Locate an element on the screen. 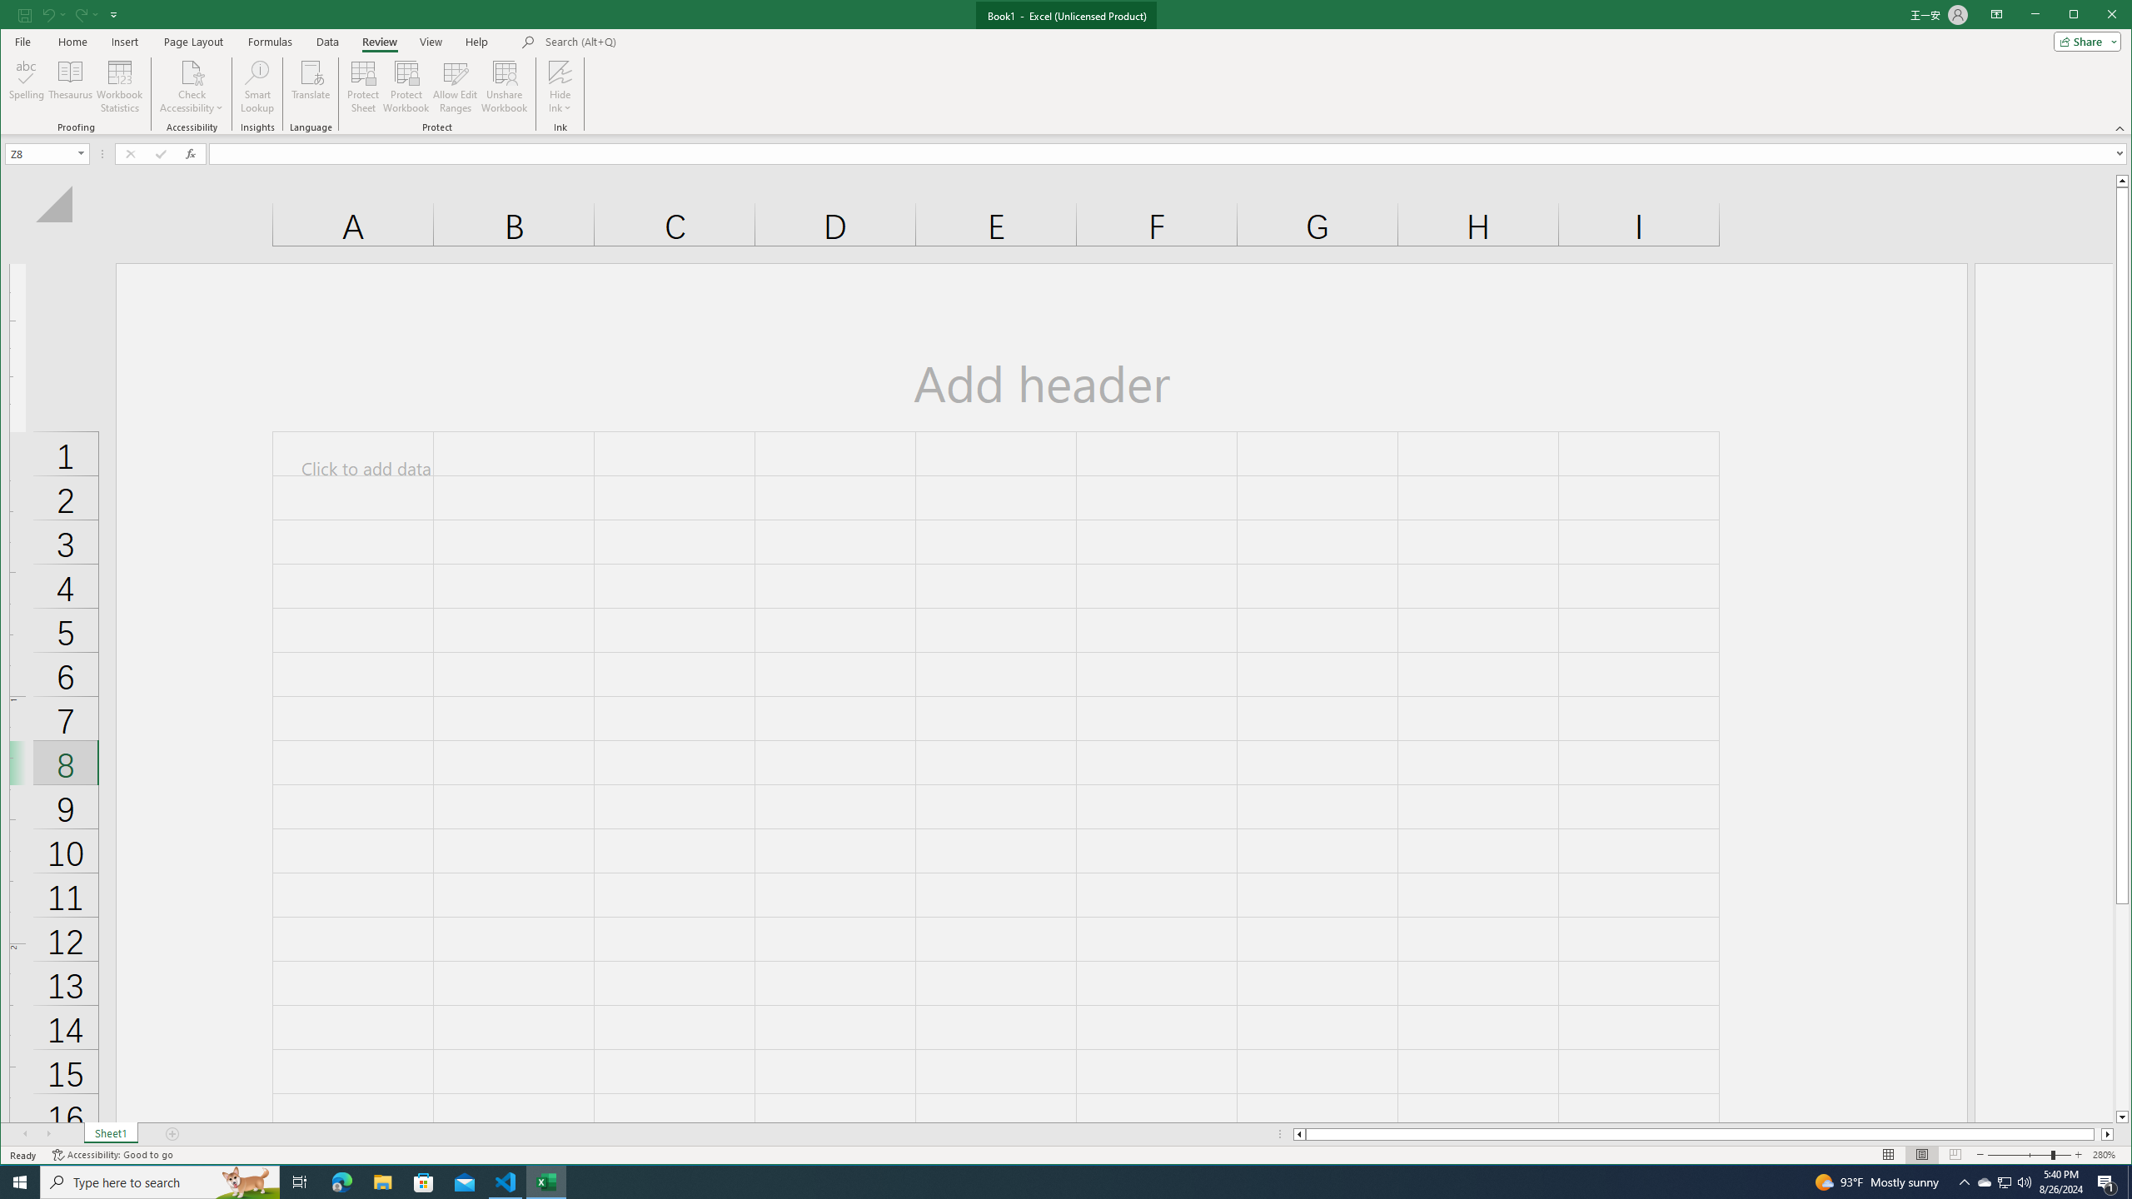 The height and width of the screenshot is (1199, 2132). 'Start' is located at coordinates (20, 1181).